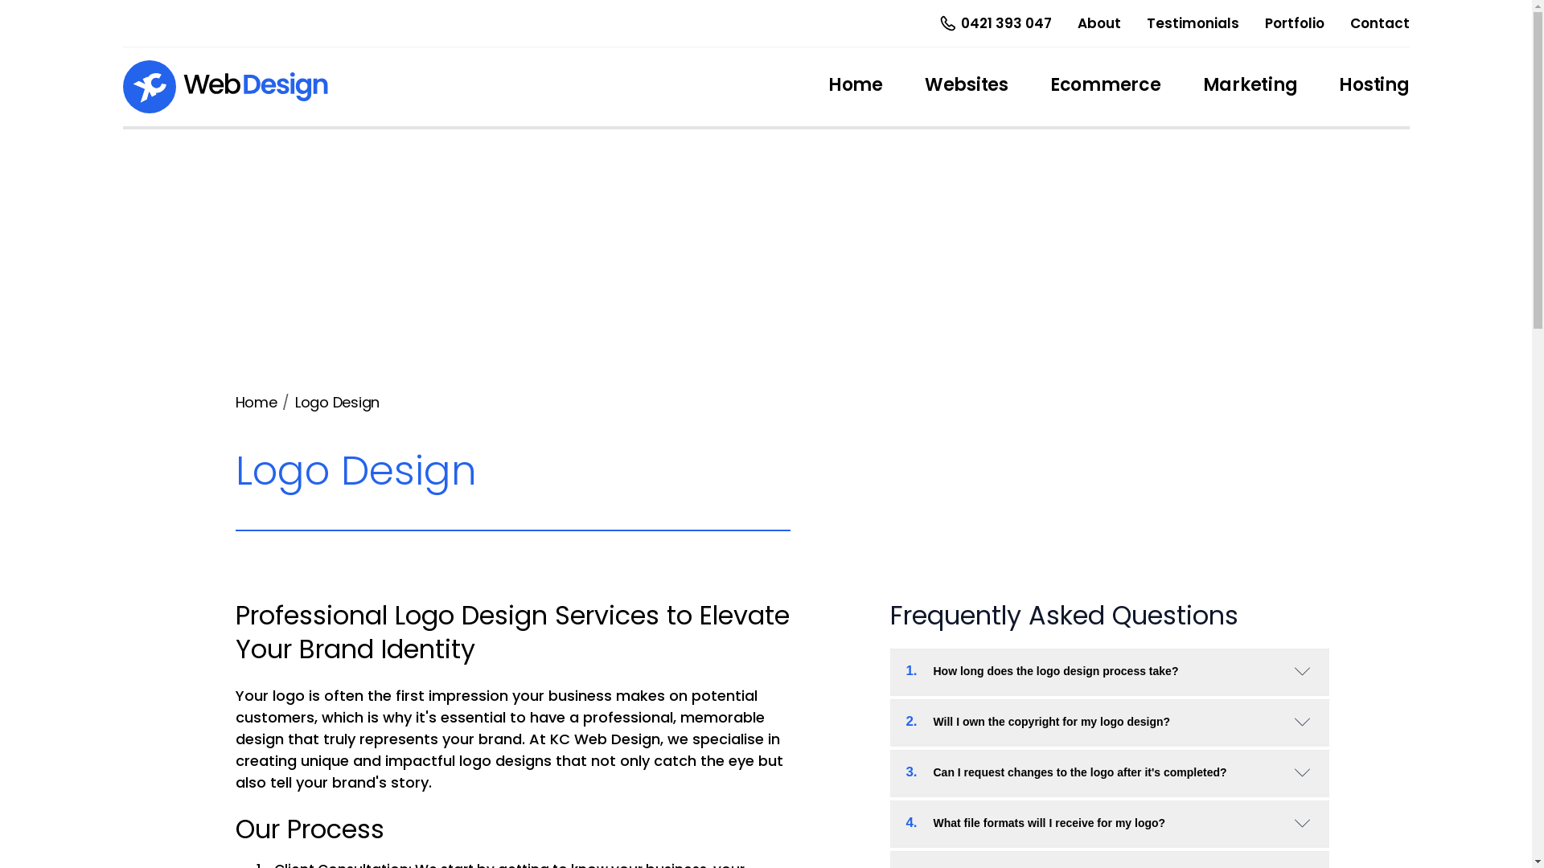 This screenshot has width=1544, height=868. I want to click on '4., so click(1107, 822).